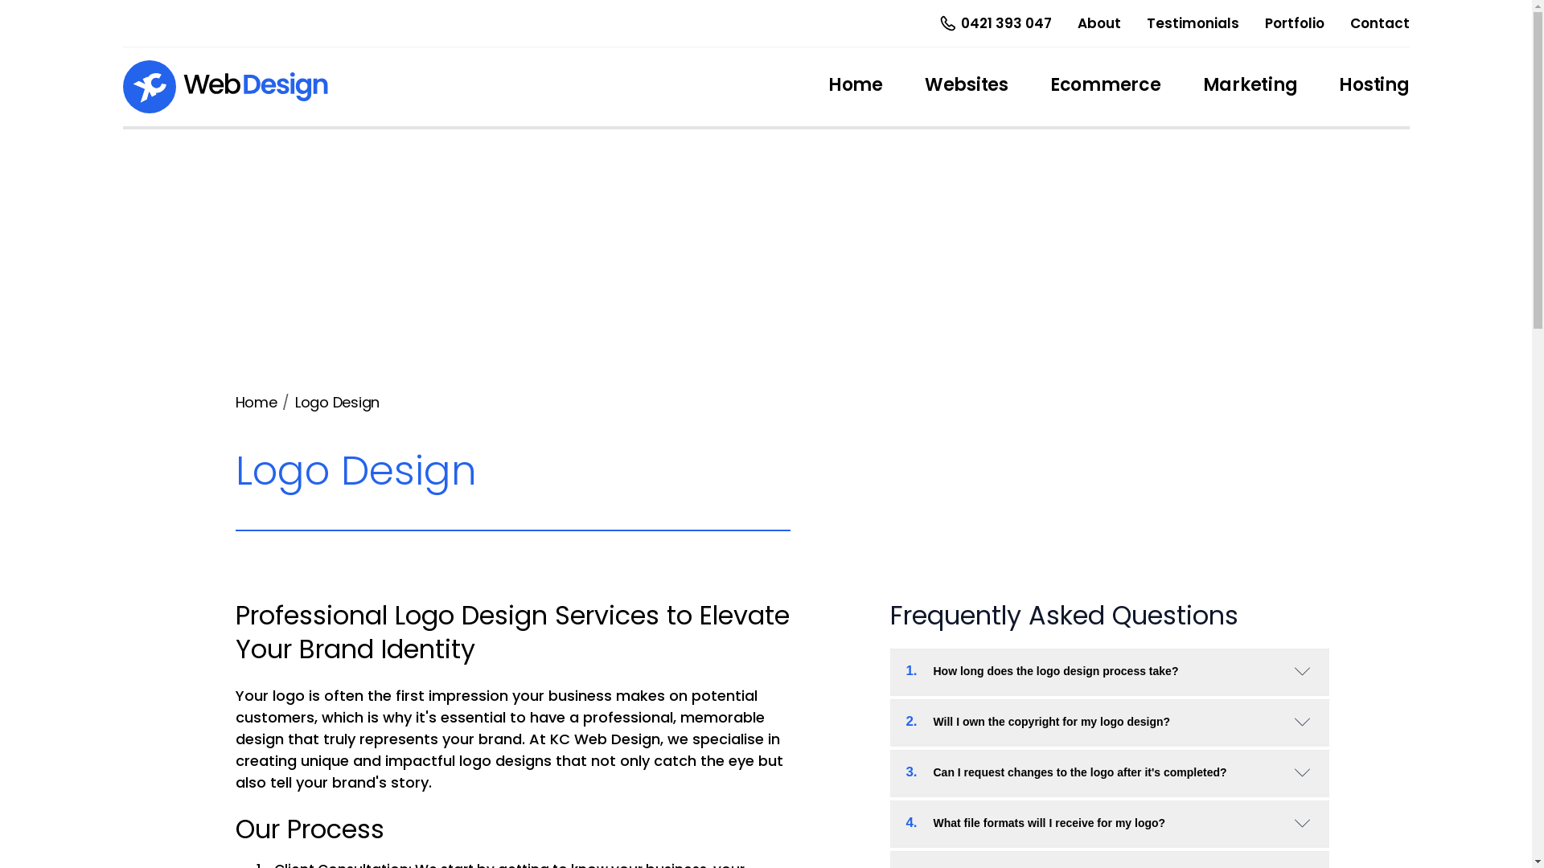 This screenshot has width=1544, height=868. I want to click on '4., so click(1107, 822).